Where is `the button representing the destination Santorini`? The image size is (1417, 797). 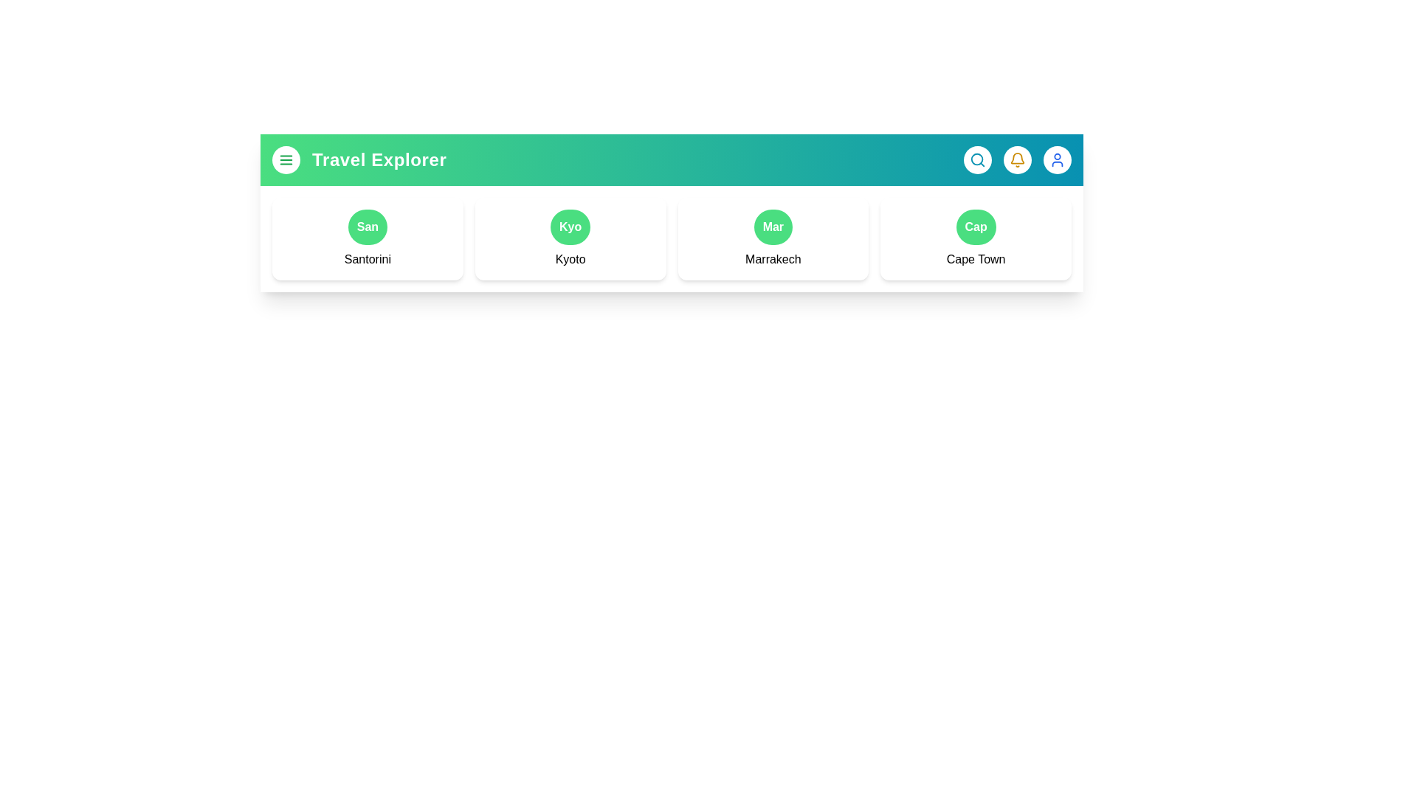
the button representing the destination Santorini is located at coordinates (368, 227).